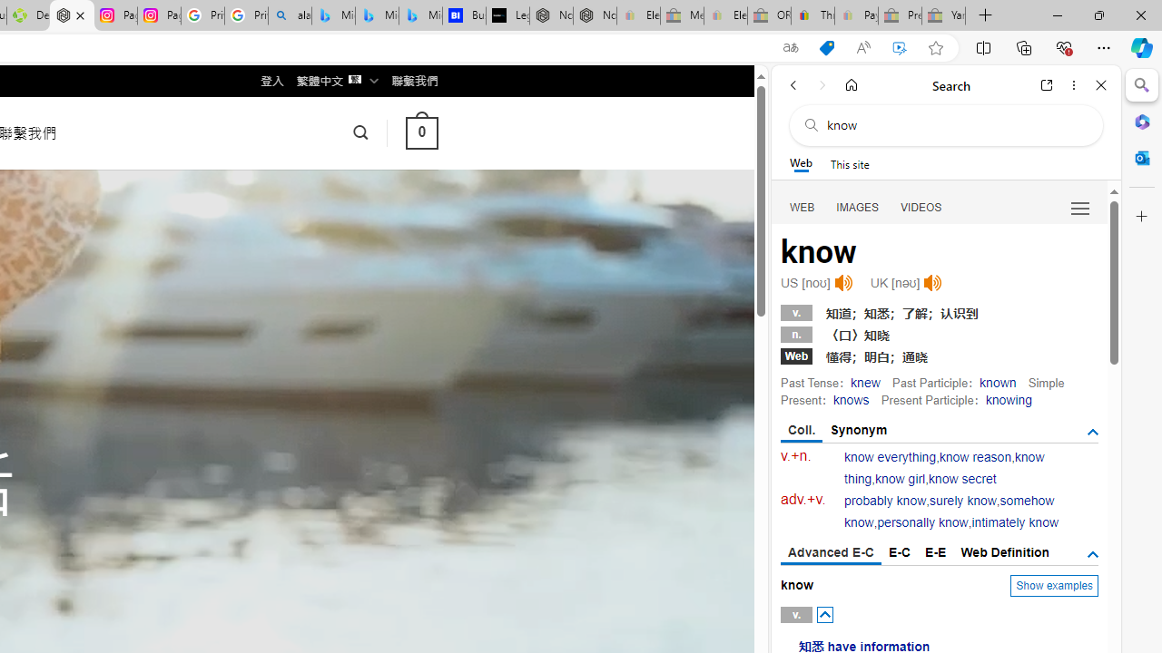  Describe the element at coordinates (921, 206) in the screenshot. I see `'Search Filter, VIDEOS'` at that location.